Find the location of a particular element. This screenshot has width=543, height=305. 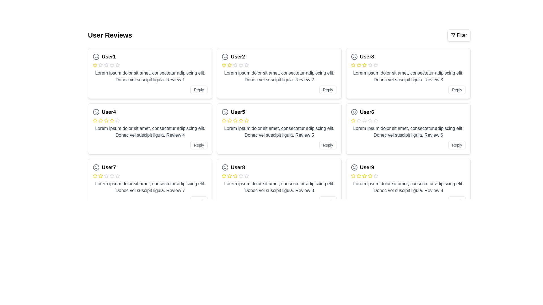

the Circular SVG element representing the main circular stroke of the smiley face in the User Reviews section for User9 is located at coordinates (354, 167).